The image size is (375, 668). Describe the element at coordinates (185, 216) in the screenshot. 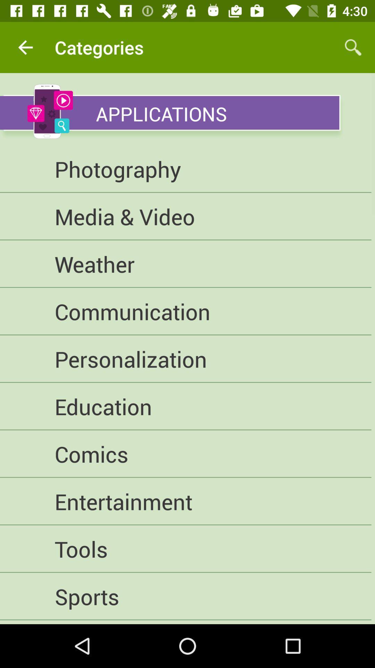

I see `the media & video` at that location.